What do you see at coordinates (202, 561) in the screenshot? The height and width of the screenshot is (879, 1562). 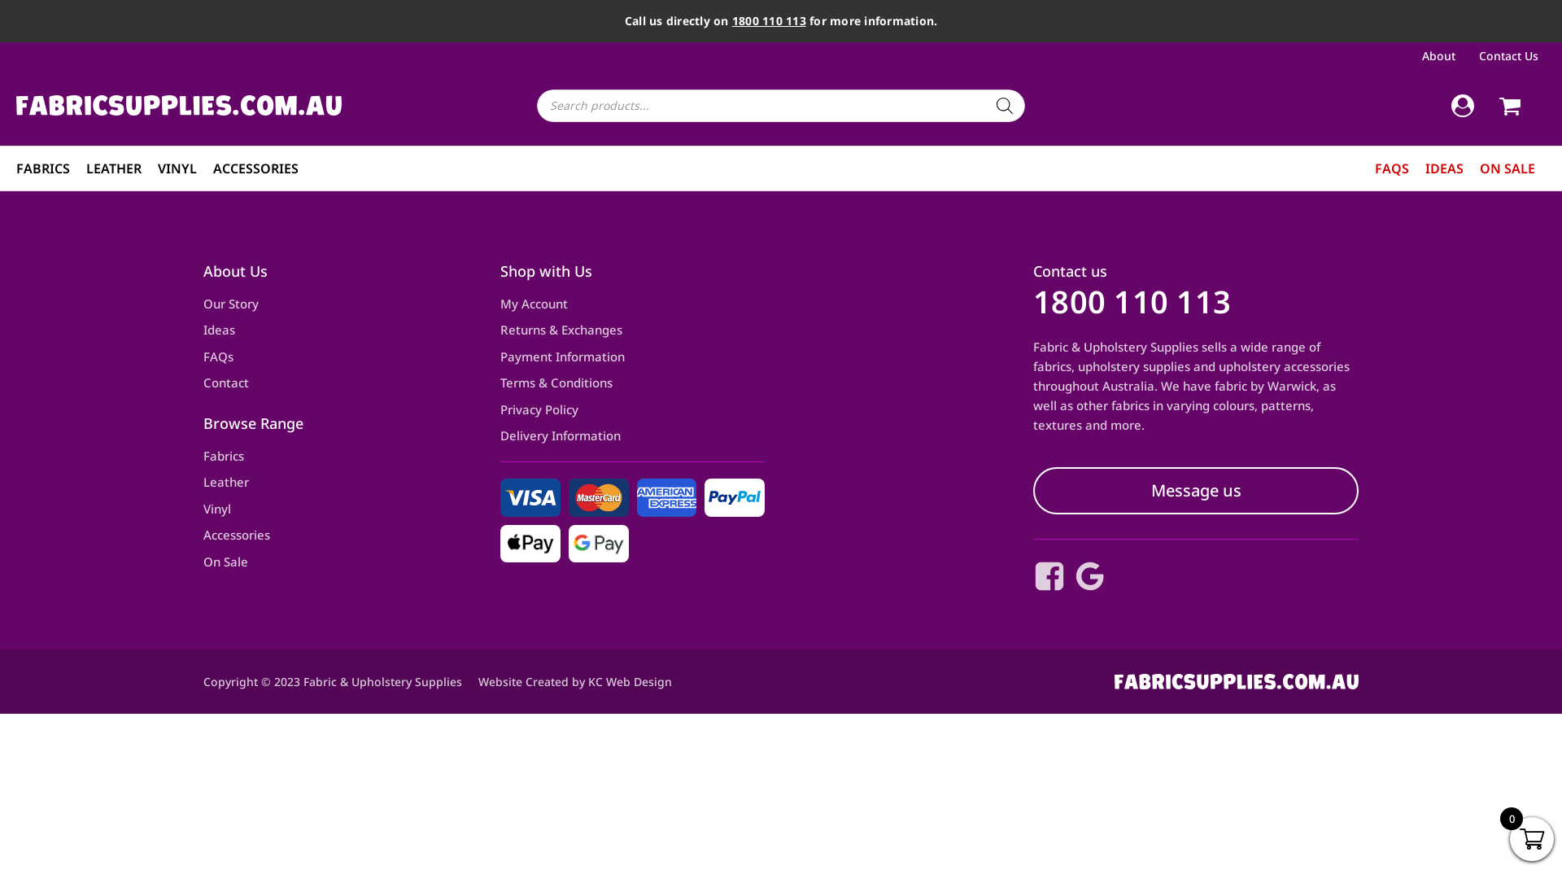 I see `'On Sale'` at bounding box center [202, 561].